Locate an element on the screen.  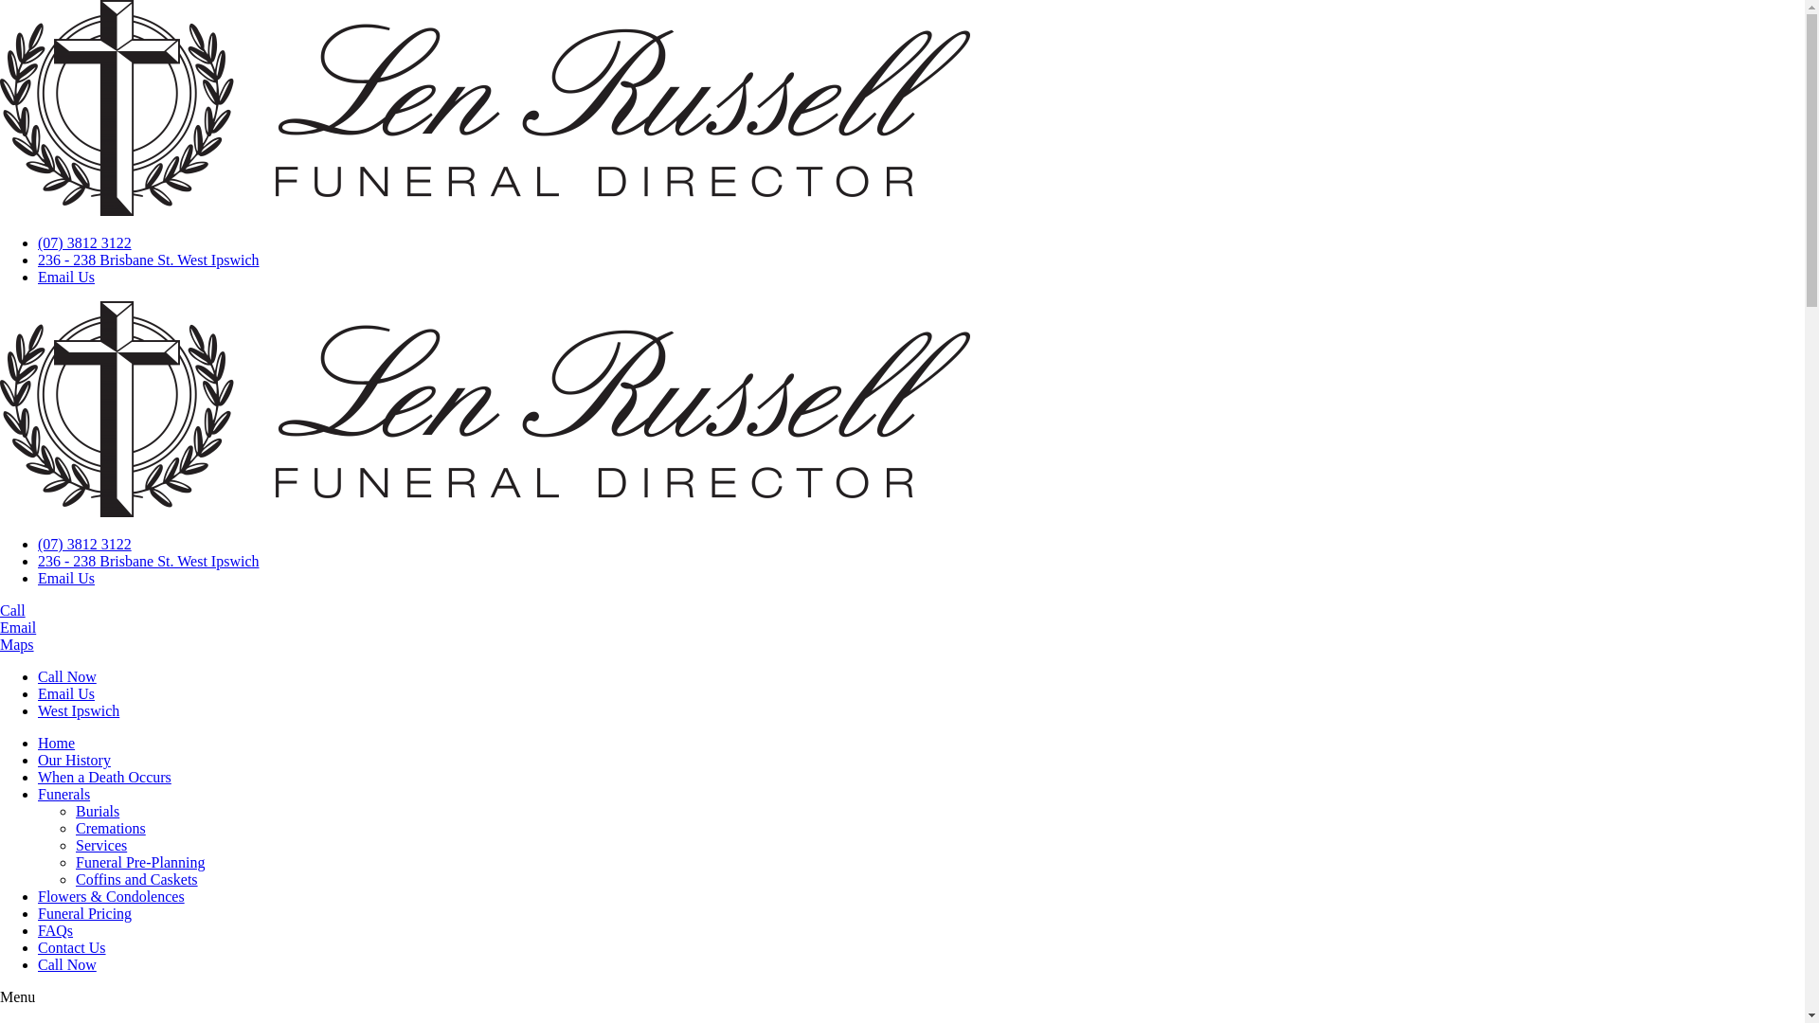
'When a Death Occurs' is located at coordinates (37, 777).